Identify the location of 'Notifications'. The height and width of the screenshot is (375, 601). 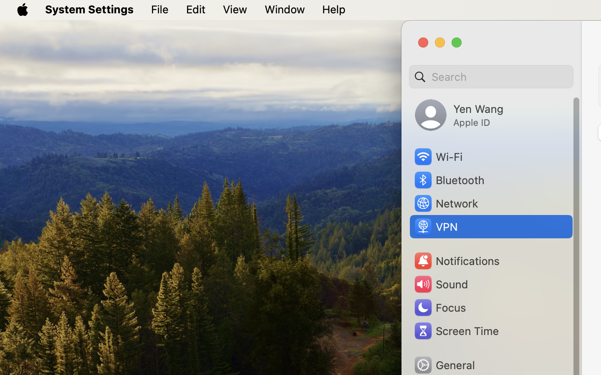
(456, 261).